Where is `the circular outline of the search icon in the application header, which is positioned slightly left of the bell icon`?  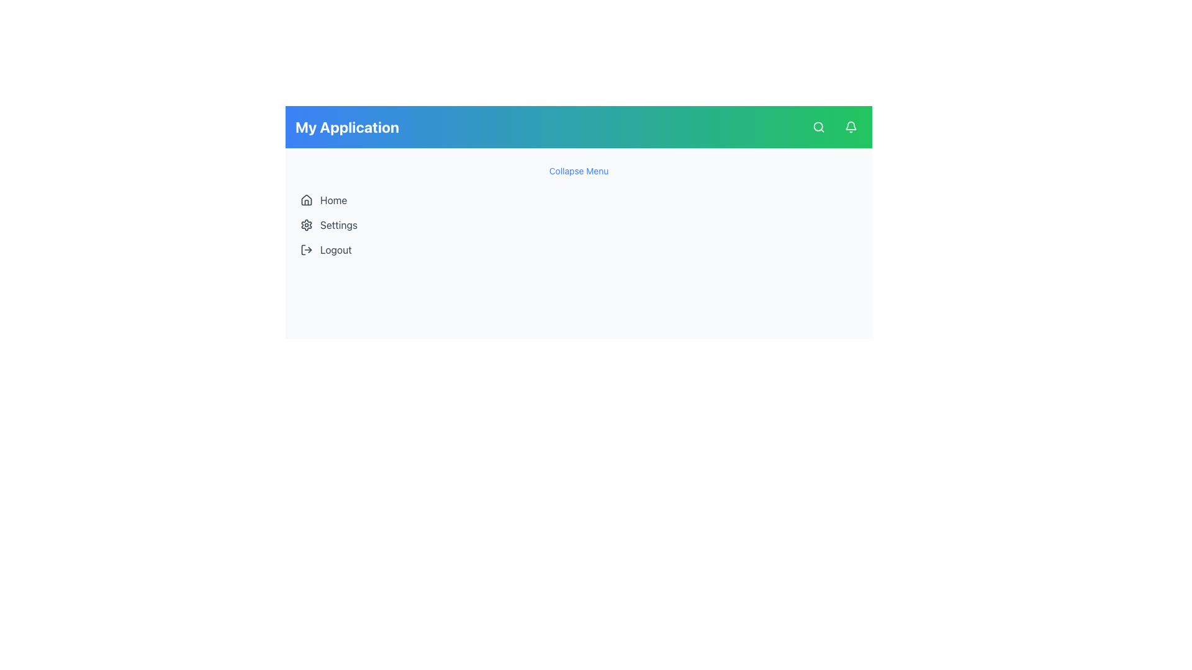
the circular outline of the search icon in the application header, which is positioned slightly left of the bell icon is located at coordinates (818, 127).